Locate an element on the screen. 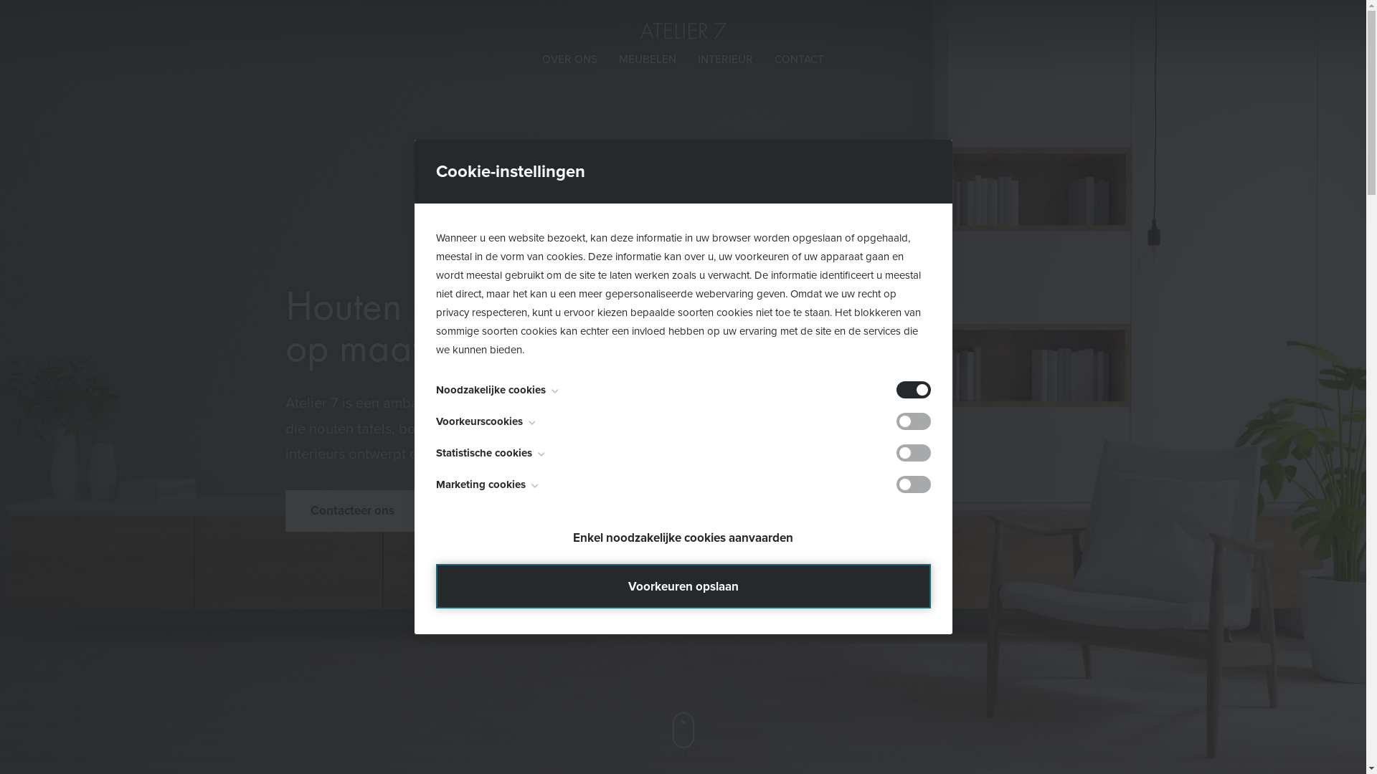 This screenshot has height=774, width=1377. 'CONTACT' is located at coordinates (798, 59).